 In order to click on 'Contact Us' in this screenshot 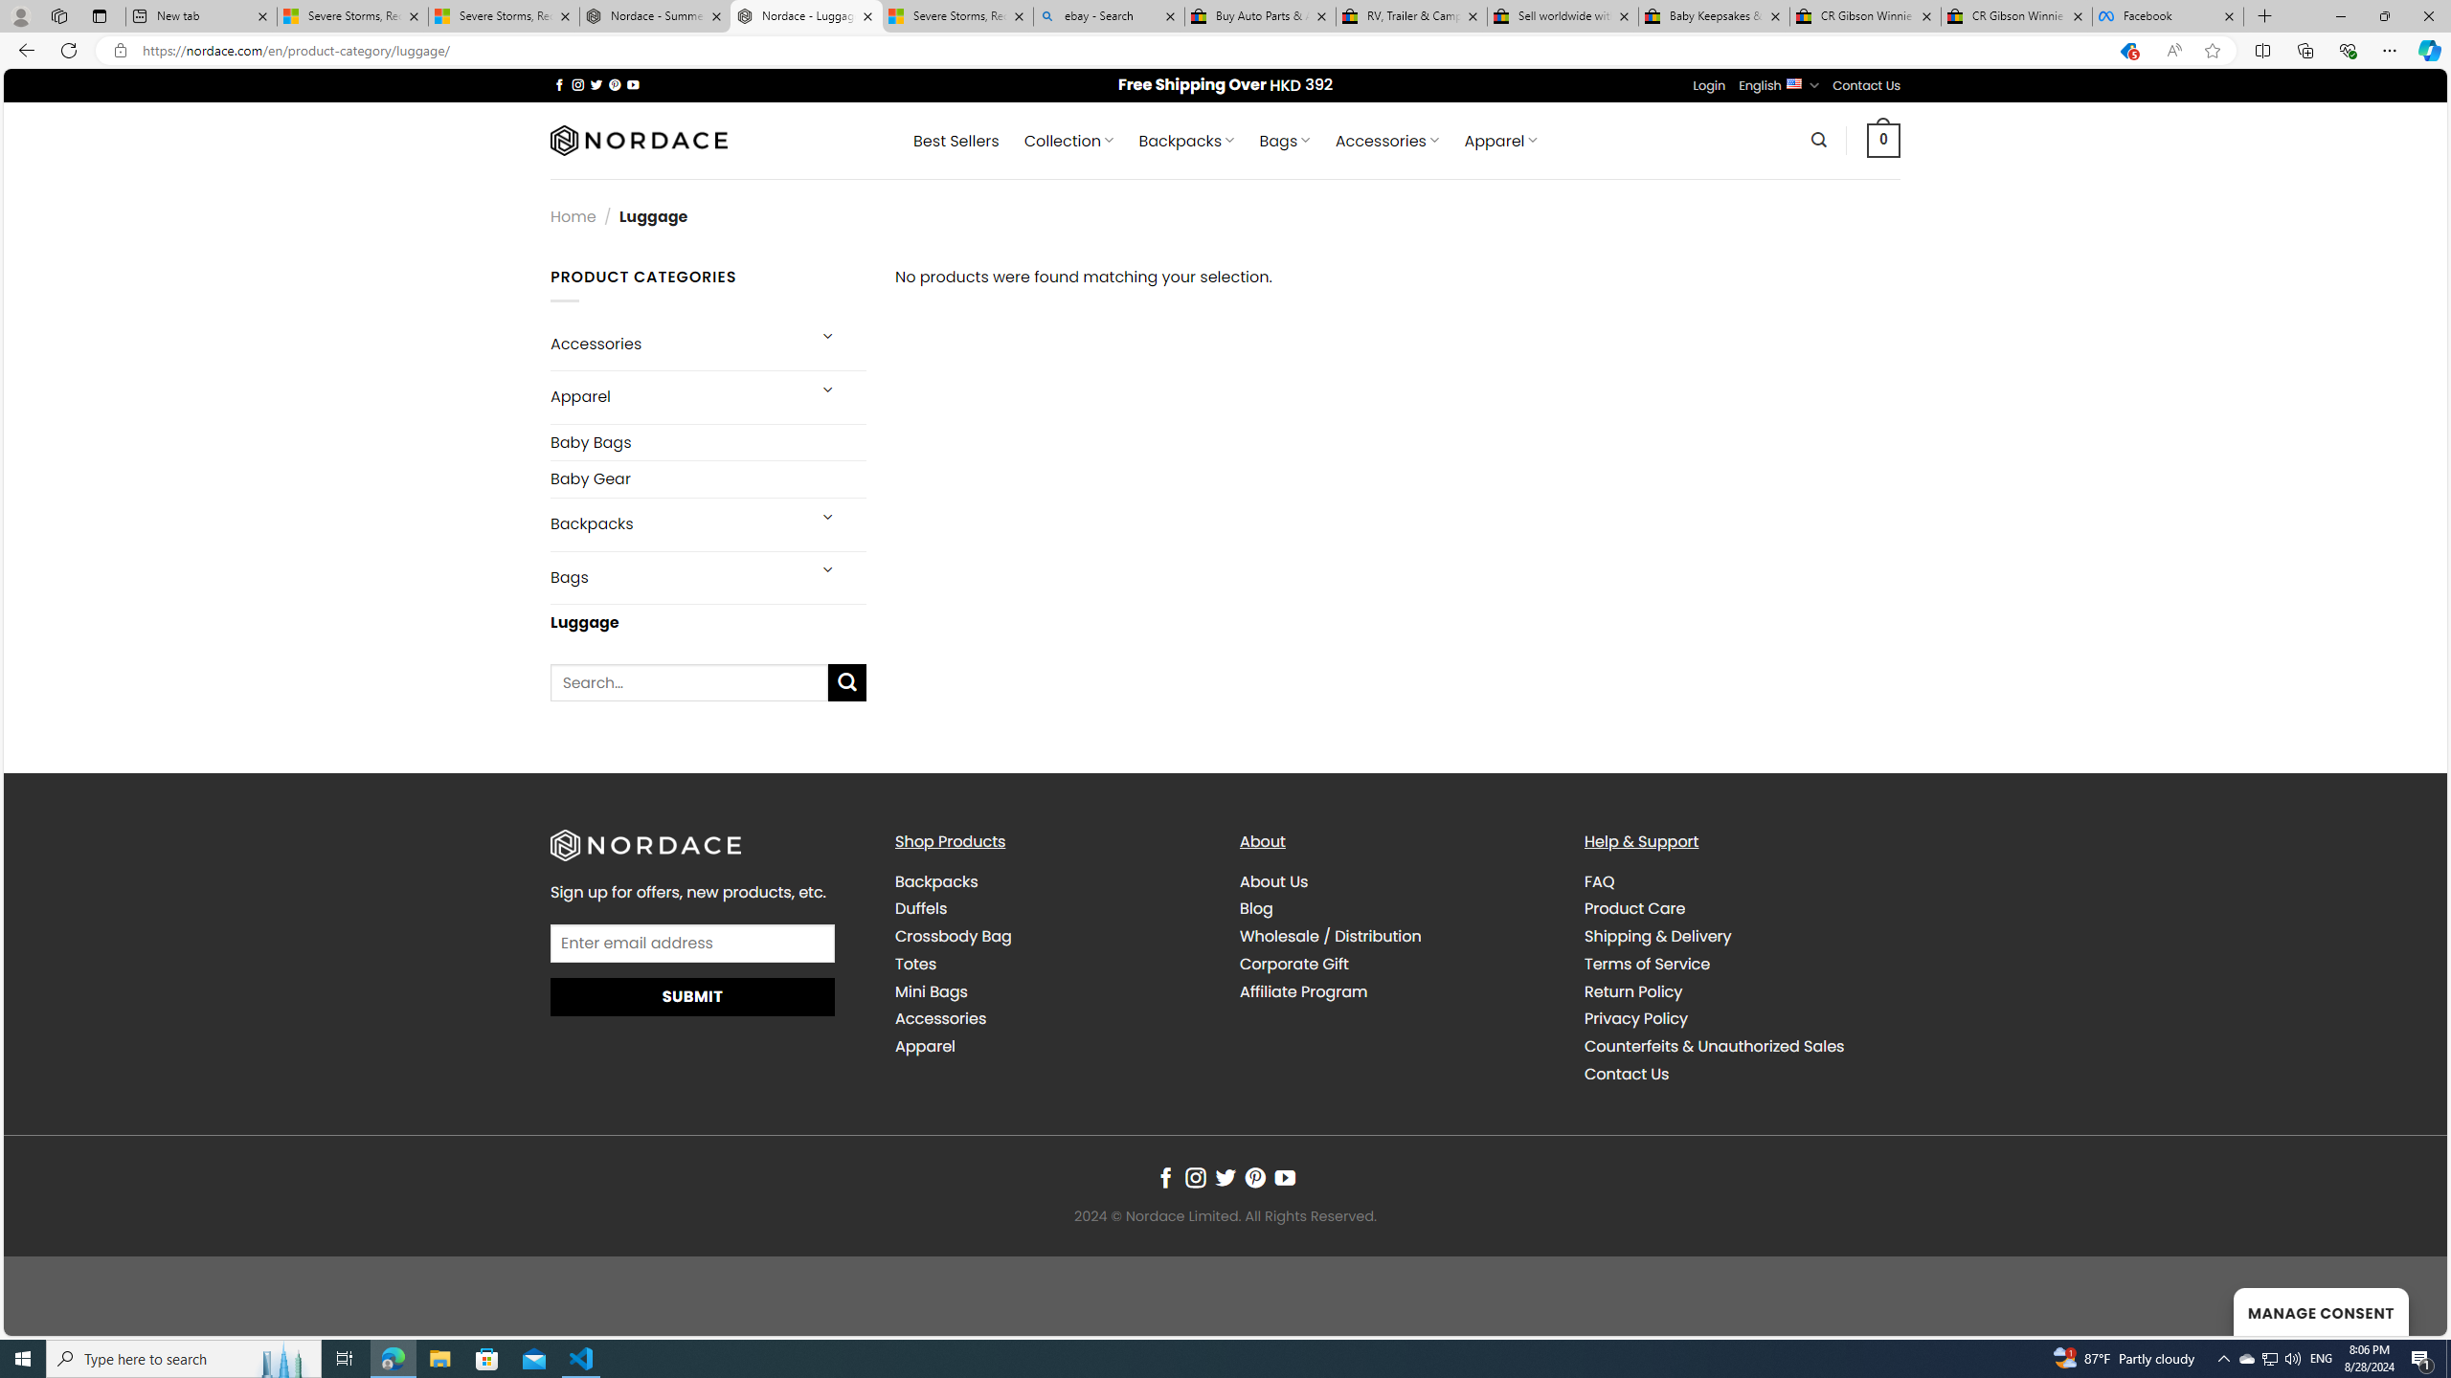, I will do `click(1741, 1074)`.